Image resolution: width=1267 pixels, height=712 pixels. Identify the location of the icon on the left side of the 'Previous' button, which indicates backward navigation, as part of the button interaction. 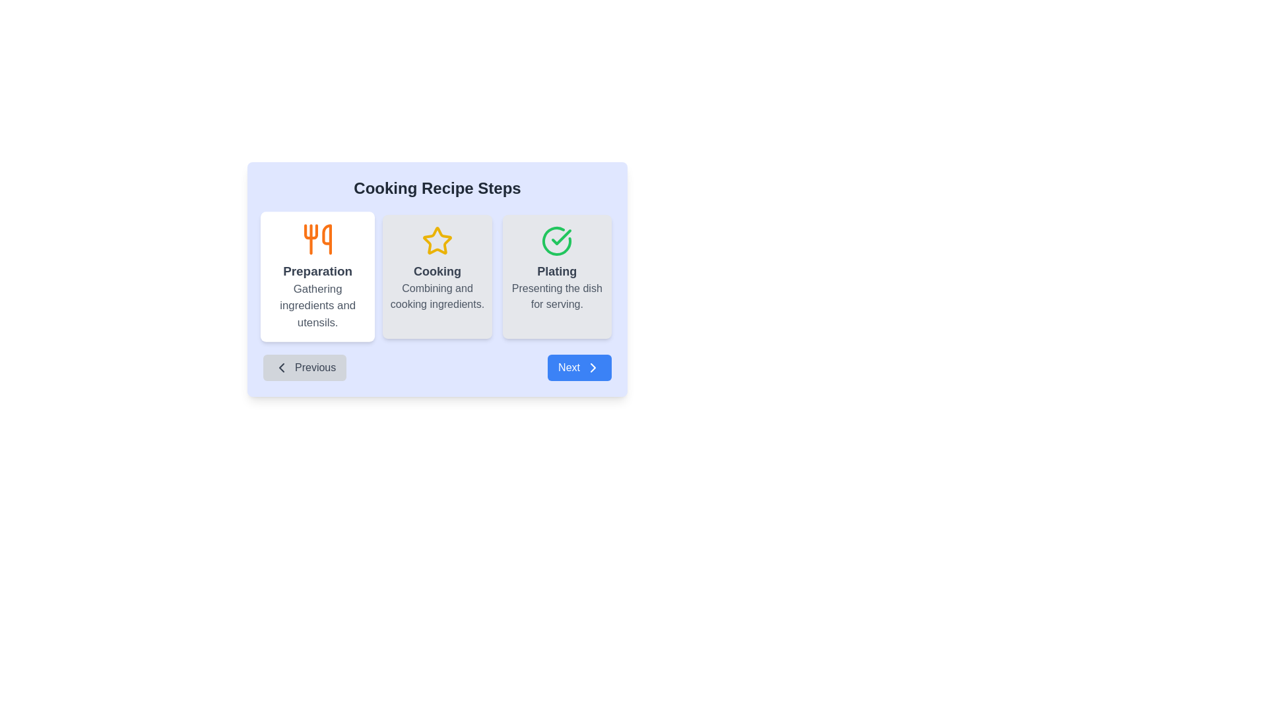
(281, 368).